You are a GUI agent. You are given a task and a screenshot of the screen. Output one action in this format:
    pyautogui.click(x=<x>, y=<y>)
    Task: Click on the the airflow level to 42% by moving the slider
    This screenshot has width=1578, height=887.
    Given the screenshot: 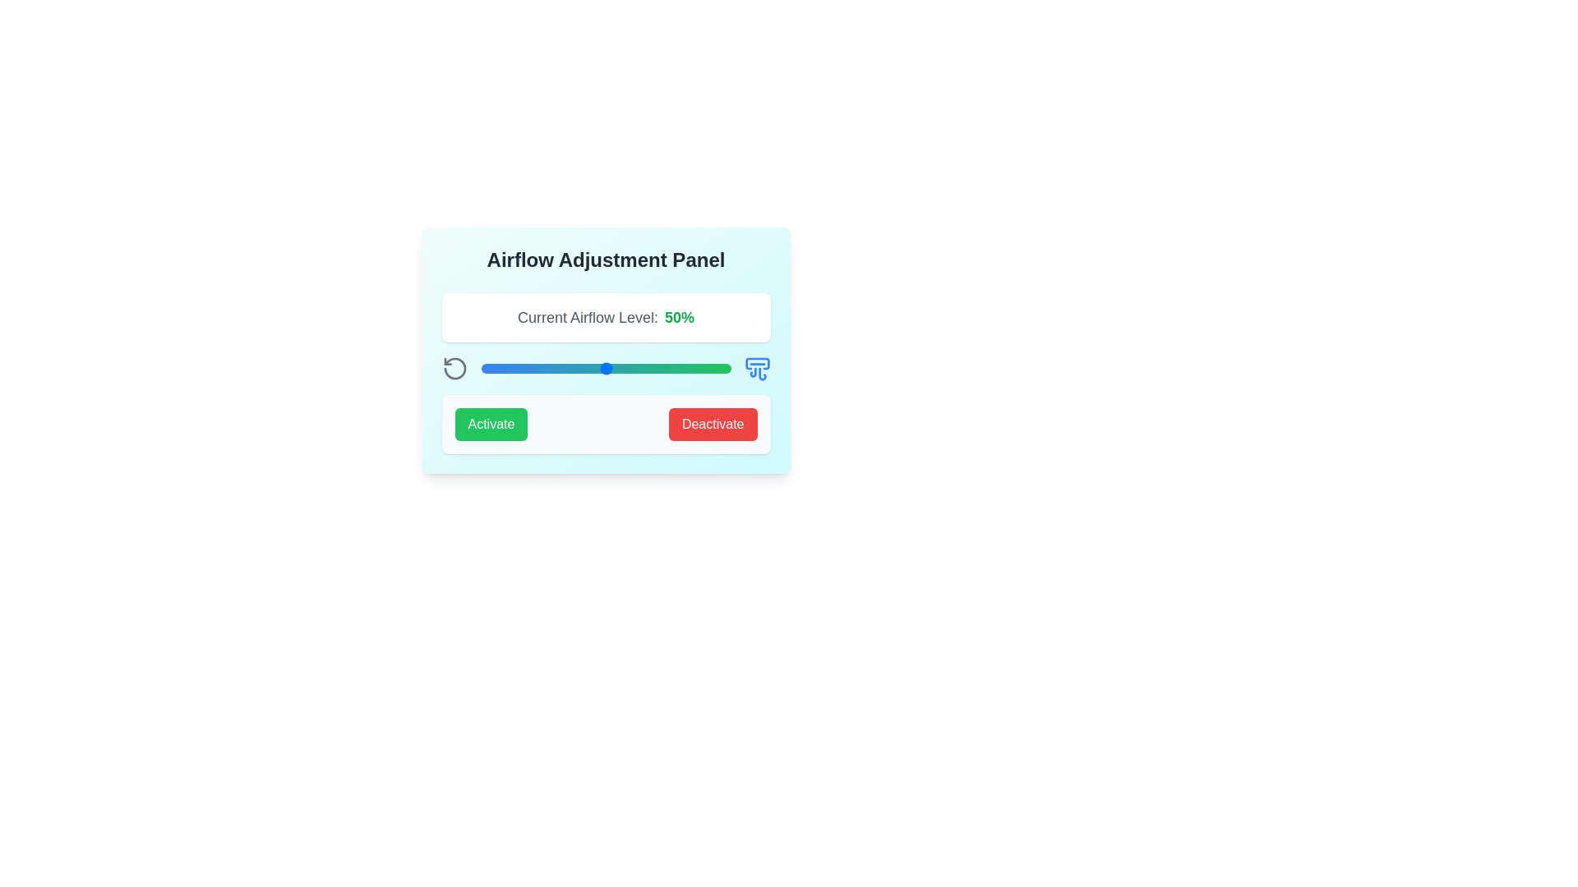 What is the action you would take?
    pyautogui.click(x=586, y=367)
    